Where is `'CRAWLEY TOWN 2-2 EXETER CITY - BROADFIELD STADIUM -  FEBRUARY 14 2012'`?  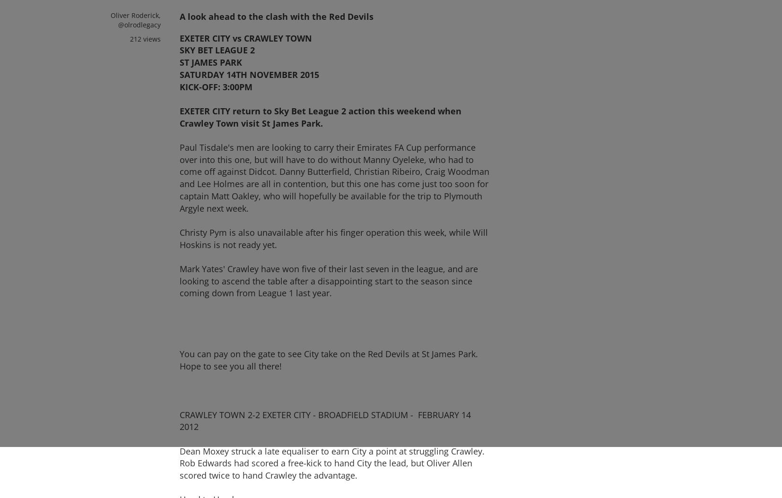 'CRAWLEY TOWN 2-2 EXETER CITY - BROADFIELD STADIUM -  FEBRUARY 14 2012' is located at coordinates (179, 420).